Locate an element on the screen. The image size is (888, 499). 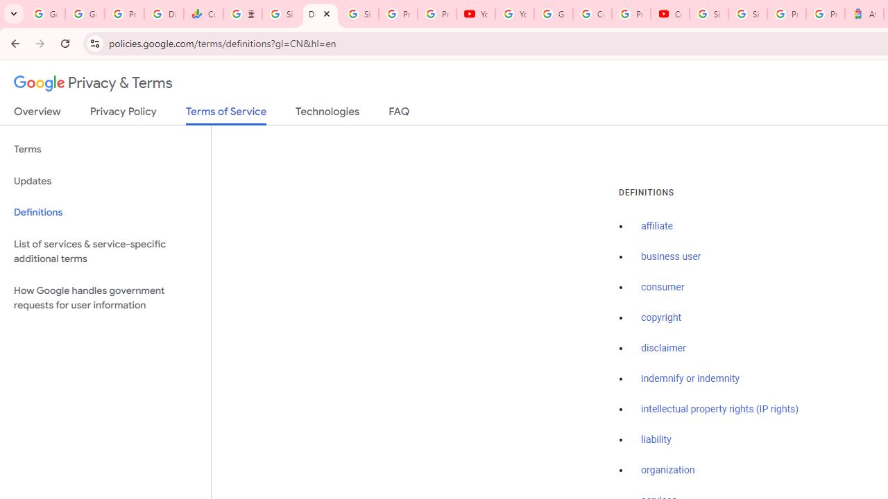
'Currencies - Google Finance' is located at coordinates (203, 14).